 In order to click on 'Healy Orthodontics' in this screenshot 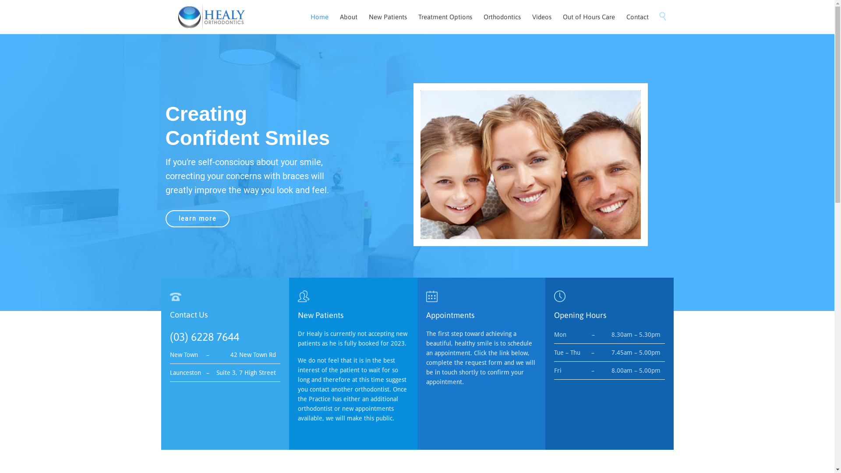, I will do `click(211, 17)`.